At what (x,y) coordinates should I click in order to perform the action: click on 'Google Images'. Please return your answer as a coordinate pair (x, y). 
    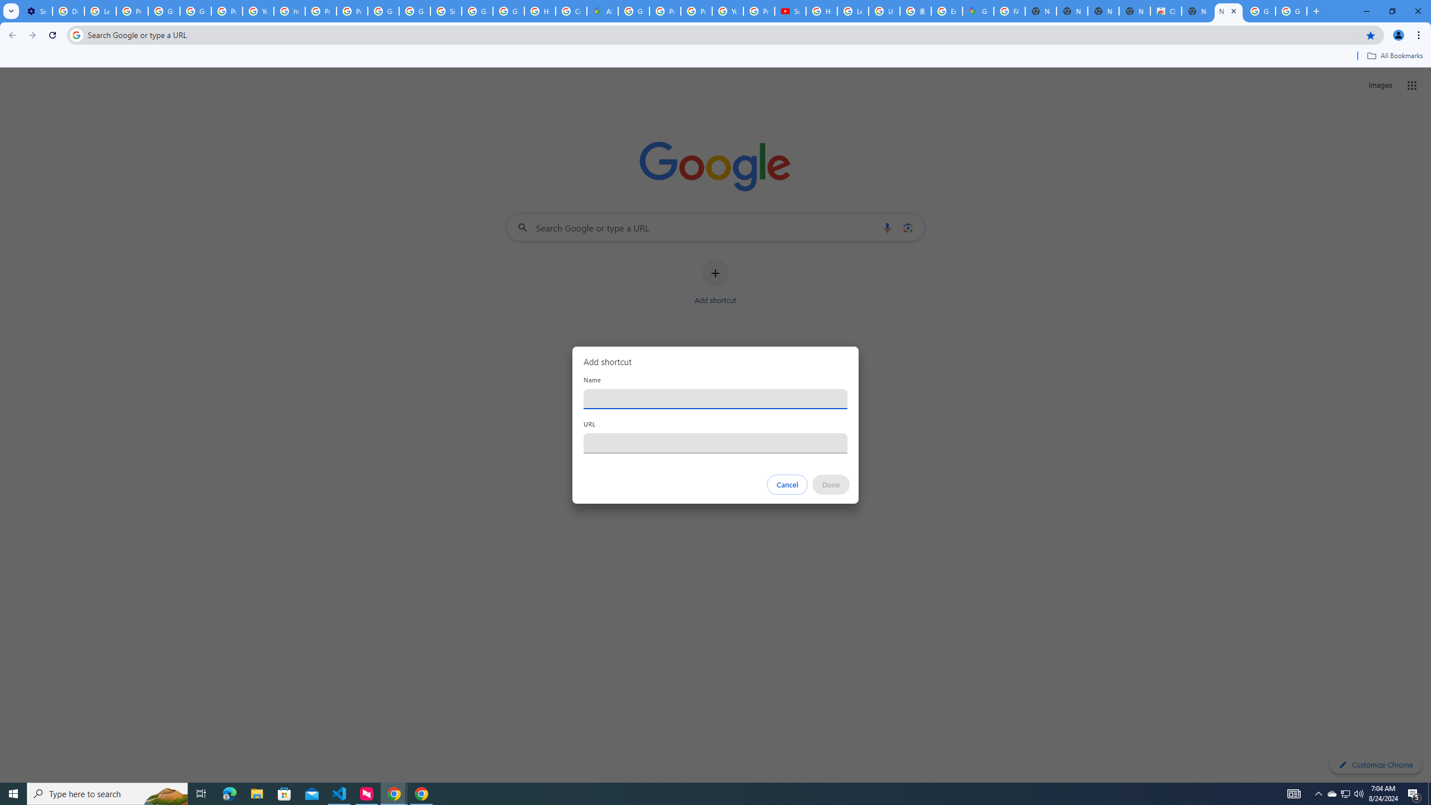
    Looking at the image, I should click on (1260, 11).